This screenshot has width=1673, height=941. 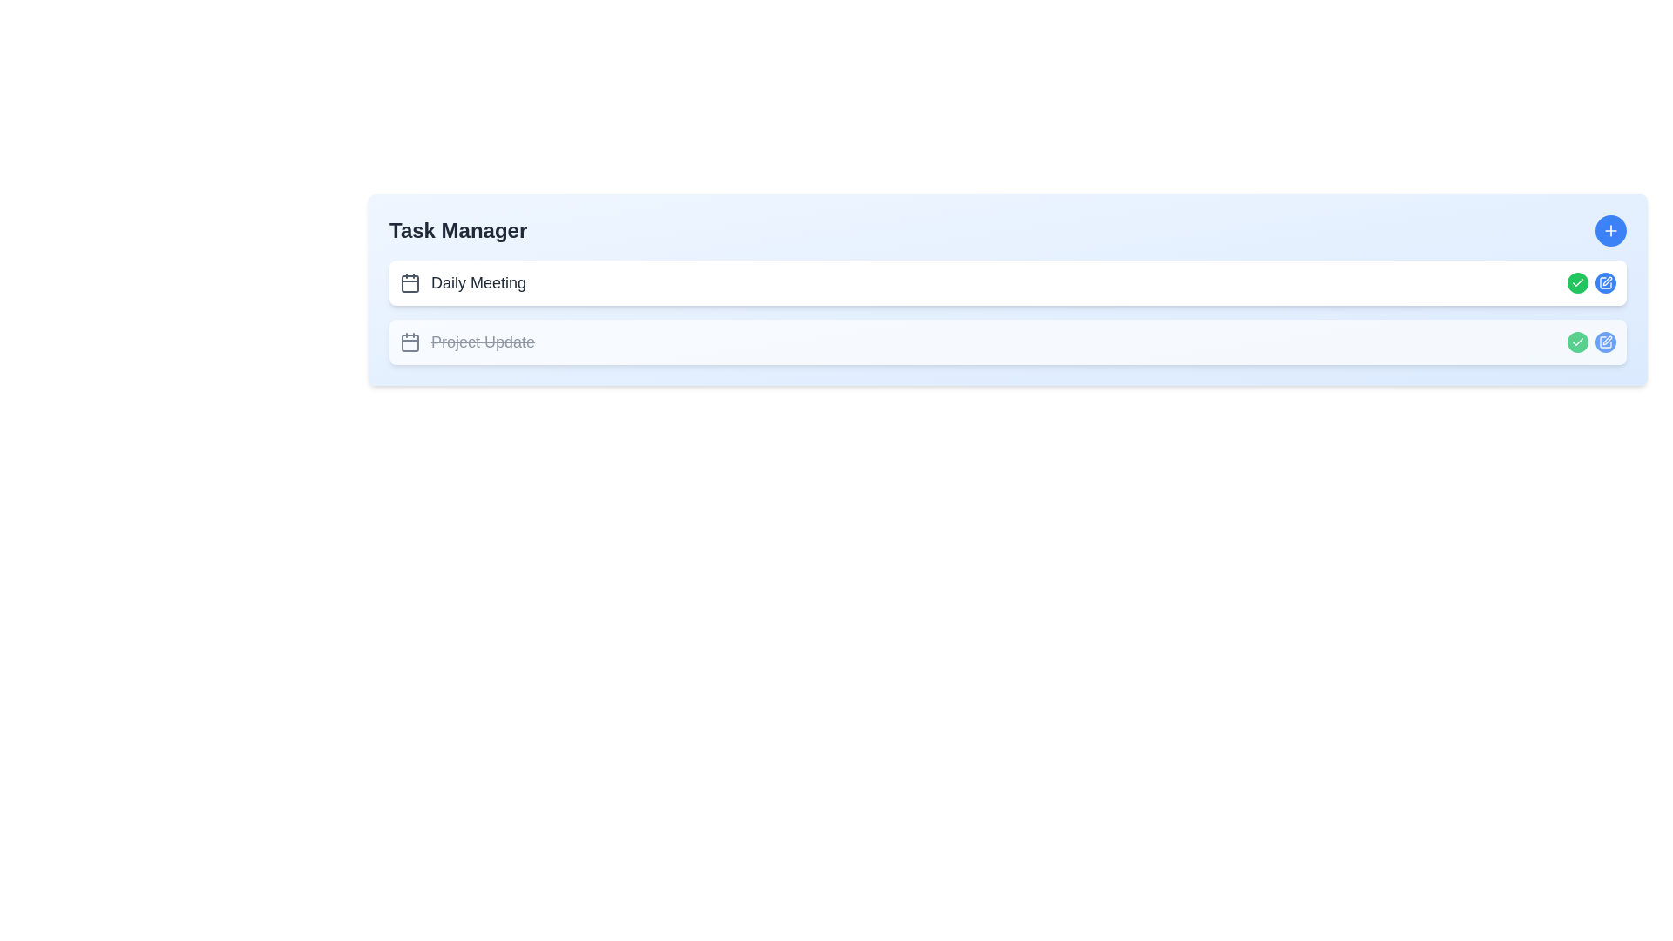 I want to click on the text element that indicates a task or entry is completed or unavailable, which is styled with a strikethrough and is positioned below 'Daily Meeting', so click(x=483, y=342).